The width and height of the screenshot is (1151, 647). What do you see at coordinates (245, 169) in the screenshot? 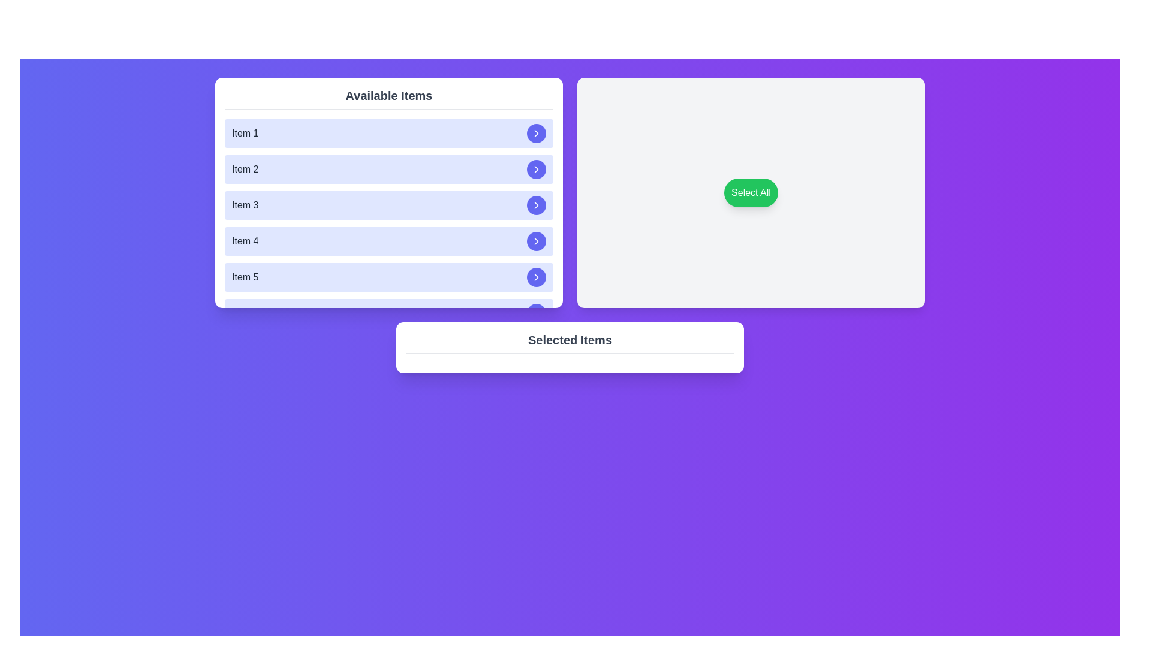
I see `the text label displaying 'Item 2' in bold gray font, located in the second row of the 'Available Items' list` at bounding box center [245, 169].